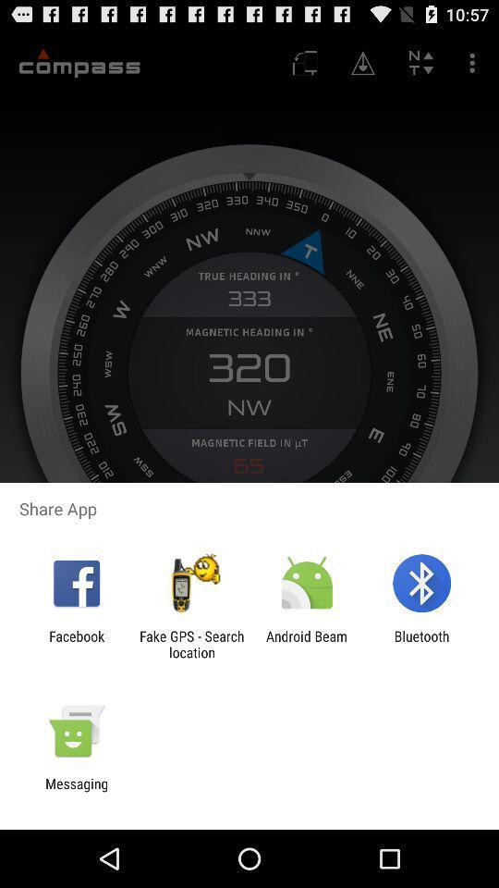 This screenshot has width=499, height=888. Describe the element at coordinates (190, 644) in the screenshot. I see `the item next to android beam` at that location.